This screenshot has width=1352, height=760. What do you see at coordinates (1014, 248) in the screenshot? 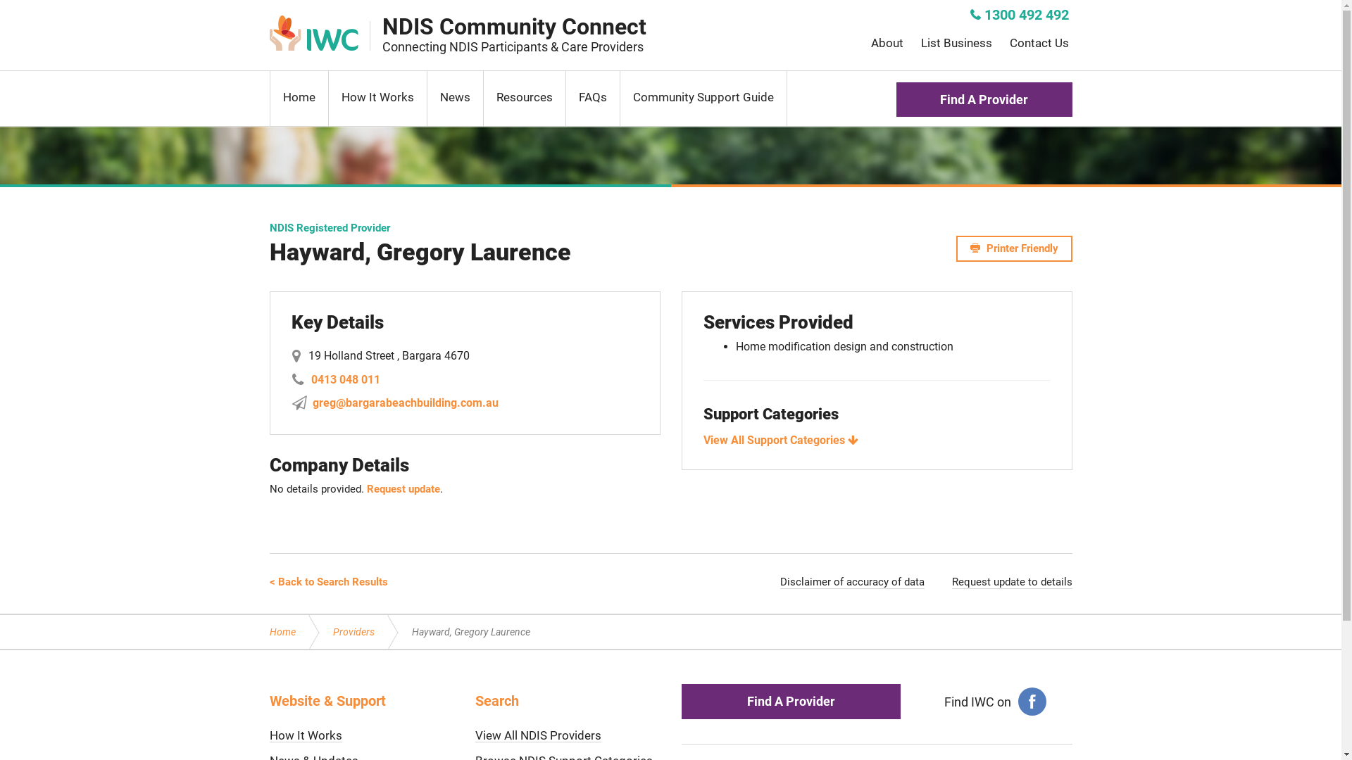
I see `'Printer Friendly'` at bounding box center [1014, 248].